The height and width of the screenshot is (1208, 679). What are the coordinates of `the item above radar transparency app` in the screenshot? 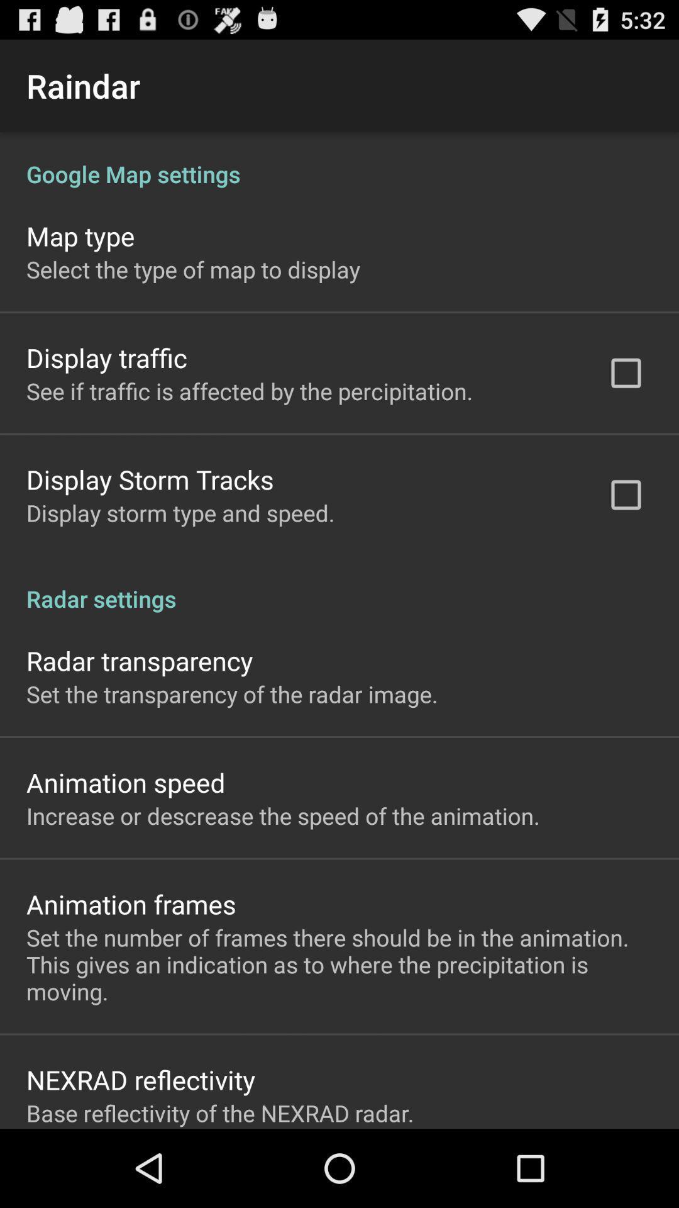 It's located at (339, 584).